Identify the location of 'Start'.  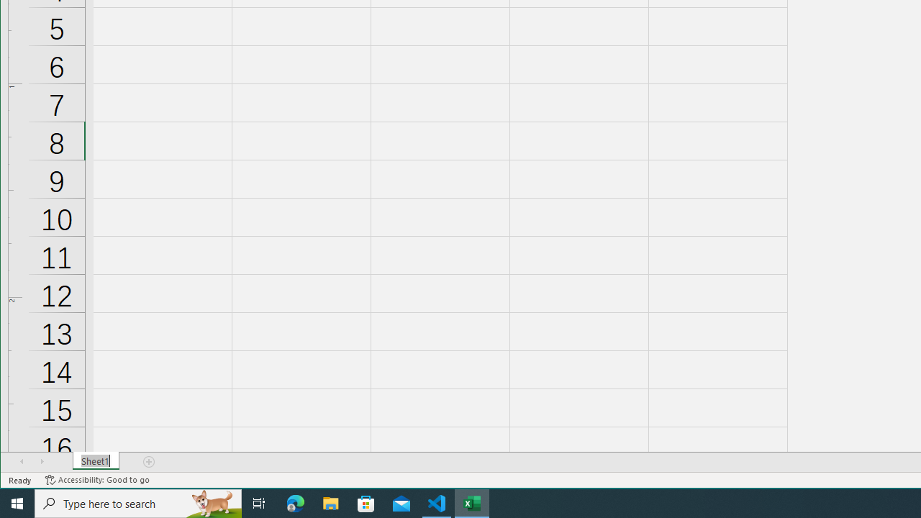
(17, 502).